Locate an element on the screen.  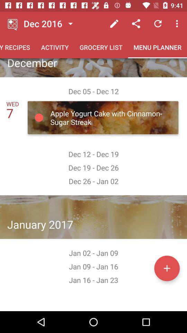
information is located at coordinates (167, 268).